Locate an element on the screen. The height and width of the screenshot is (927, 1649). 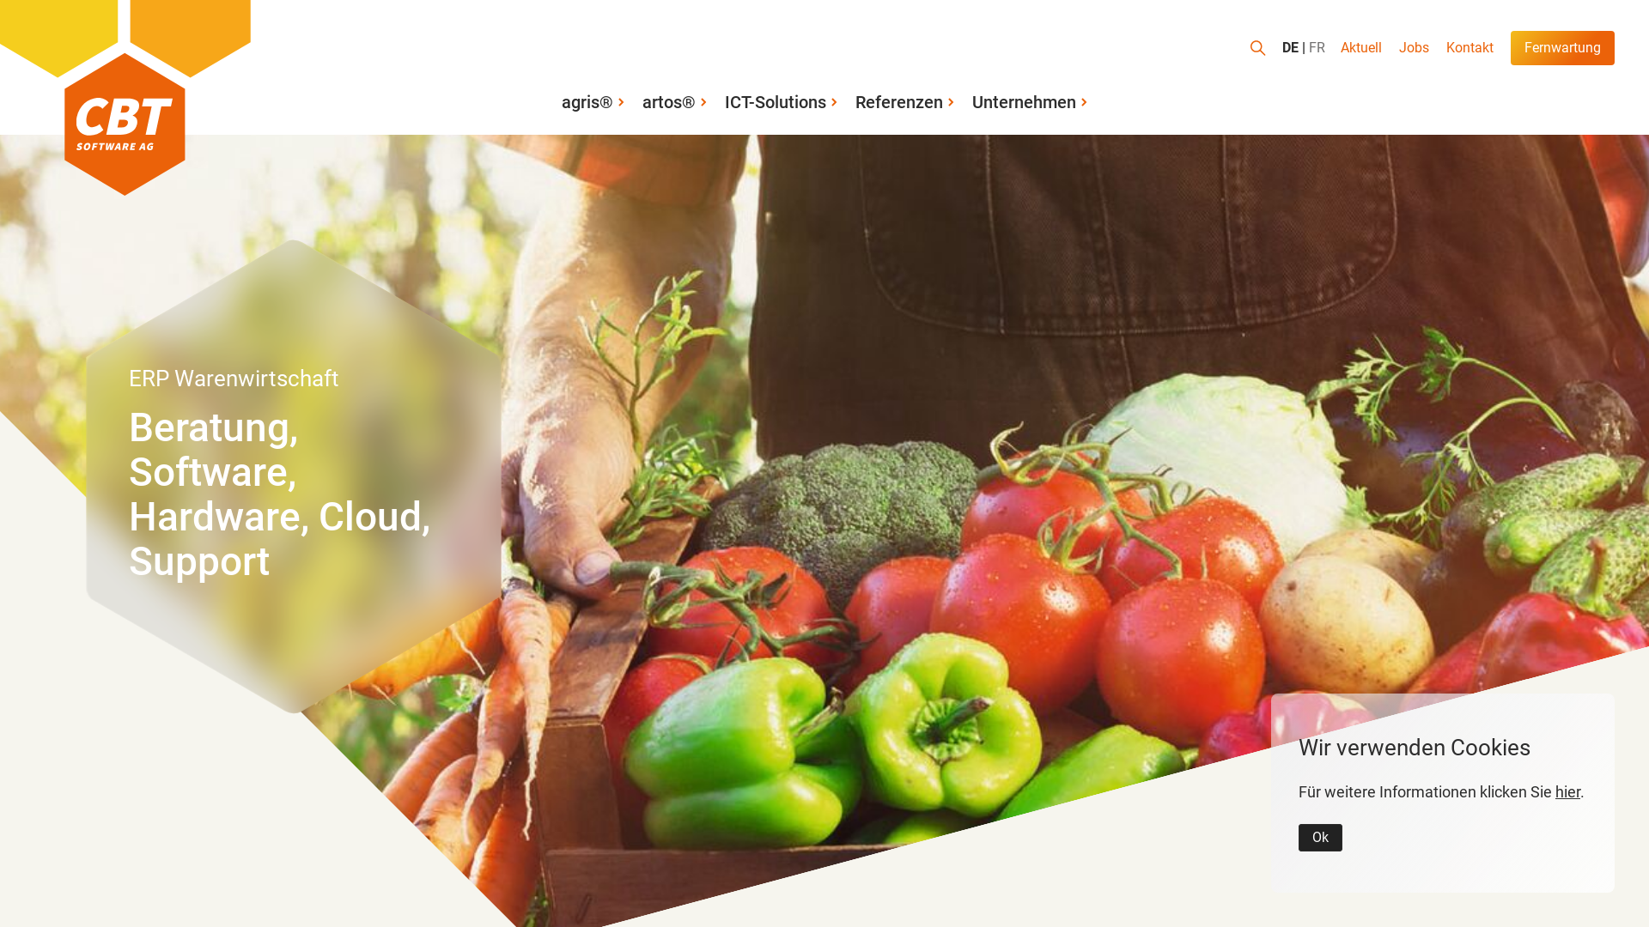
'Kontakt' is located at coordinates (1438, 47).